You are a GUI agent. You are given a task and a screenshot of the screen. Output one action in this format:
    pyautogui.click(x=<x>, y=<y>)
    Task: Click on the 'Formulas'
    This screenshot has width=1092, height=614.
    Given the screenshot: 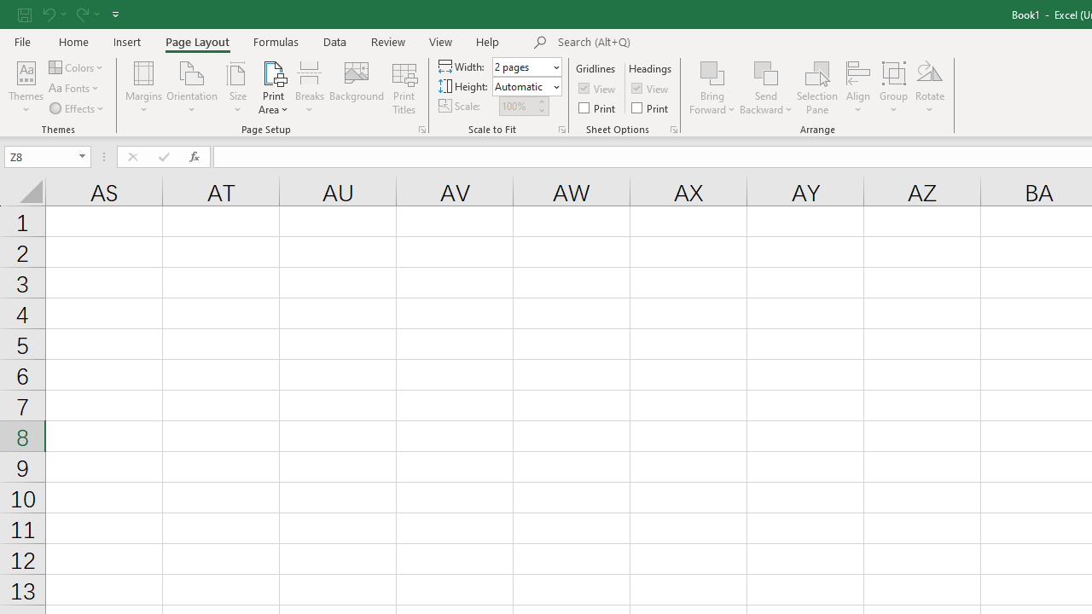 What is the action you would take?
    pyautogui.click(x=276, y=41)
    